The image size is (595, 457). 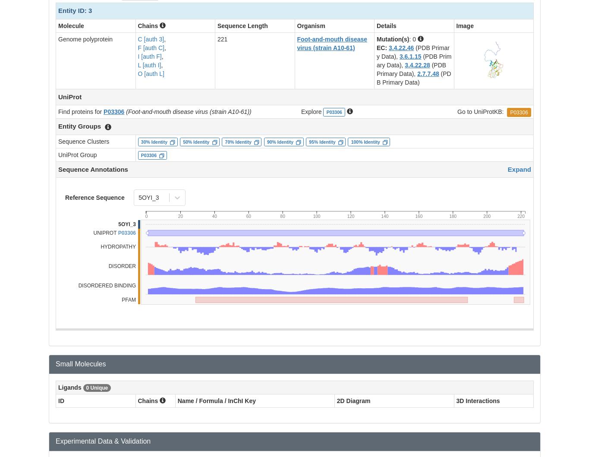 I want to click on '180', so click(x=452, y=216).